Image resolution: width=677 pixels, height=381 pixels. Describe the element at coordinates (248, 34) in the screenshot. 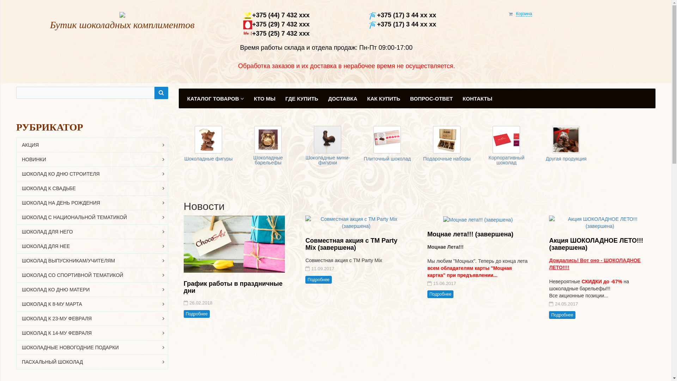

I see `'life.png'` at that location.